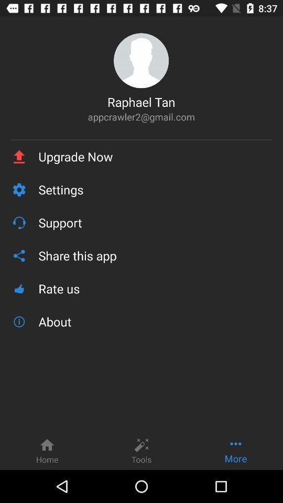 The height and width of the screenshot is (503, 283). I want to click on the icon below rate us icon, so click(155, 321).